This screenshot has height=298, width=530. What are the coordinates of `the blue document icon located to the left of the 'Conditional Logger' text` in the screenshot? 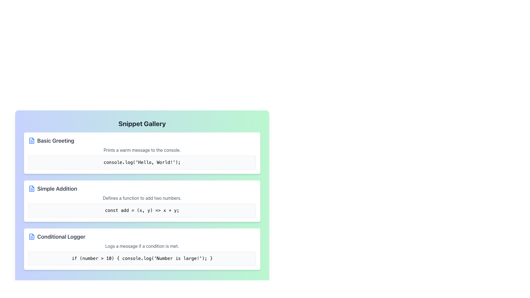 It's located at (31, 236).